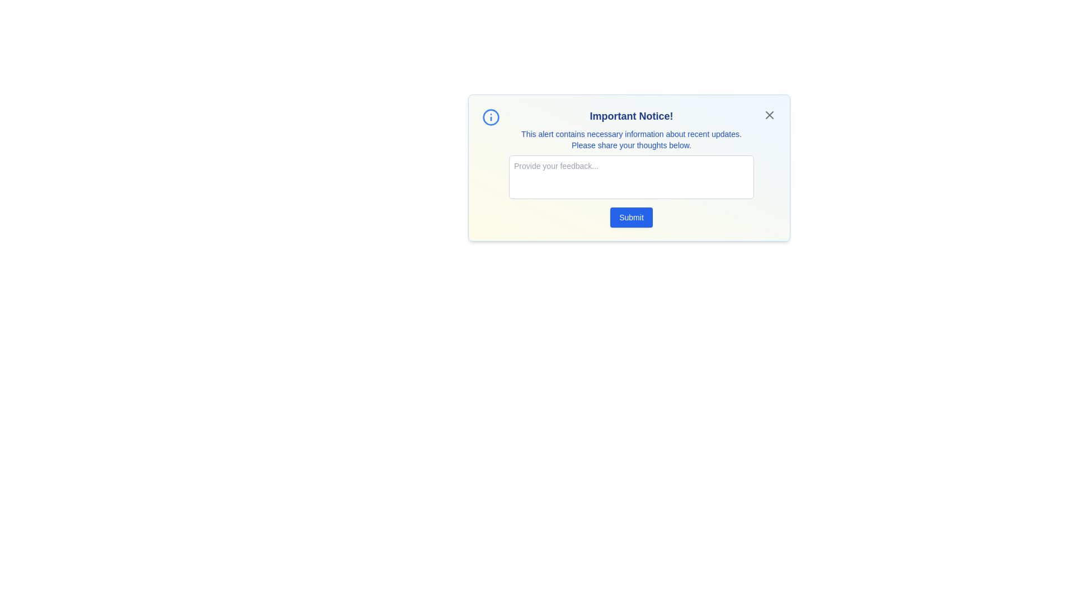 Image resolution: width=1074 pixels, height=604 pixels. I want to click on the small circular button with an 'X' icon located in the top-right corner of the notification box, so click(769, 115).